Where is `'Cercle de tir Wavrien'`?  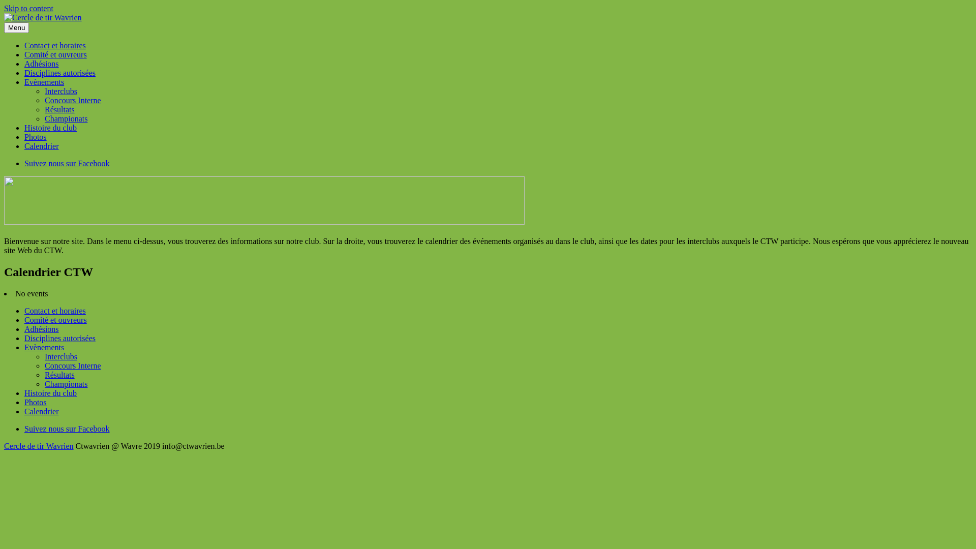 'Cercle de tir Wavrien' is located at coordinates (39, 34).